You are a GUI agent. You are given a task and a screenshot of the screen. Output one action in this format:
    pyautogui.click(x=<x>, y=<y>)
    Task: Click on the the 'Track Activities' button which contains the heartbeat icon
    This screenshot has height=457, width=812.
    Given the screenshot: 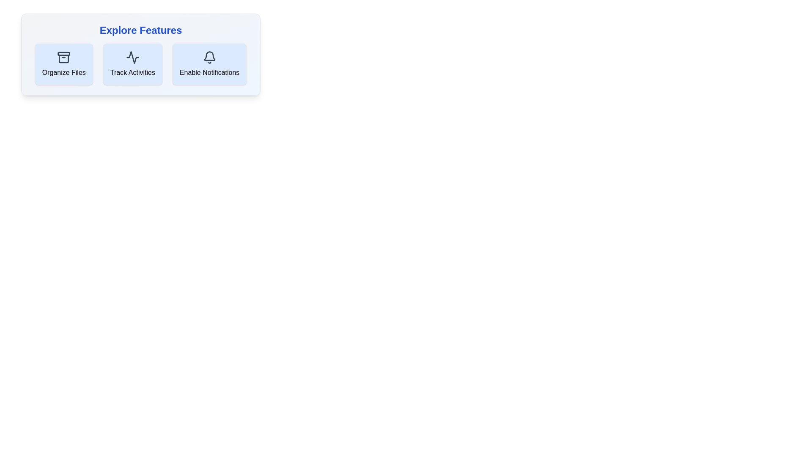 What is the action you would take?
    pyautogui.click(x=132, y=57)
    